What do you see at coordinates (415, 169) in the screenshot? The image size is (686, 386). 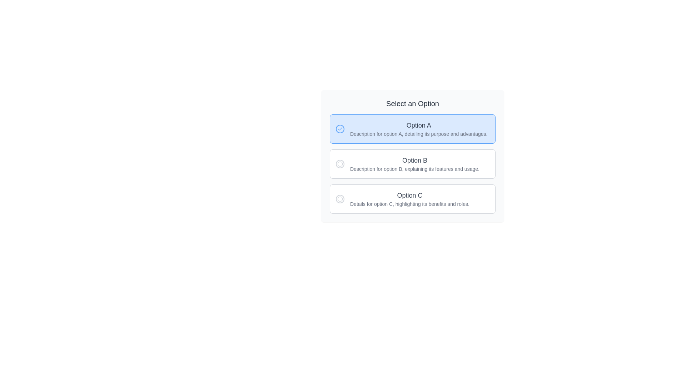 I see `the Text Label displaying 'Description for option B, explaining its features and usage.' located under the title 'Option B'` at bounding box center [415, 169].